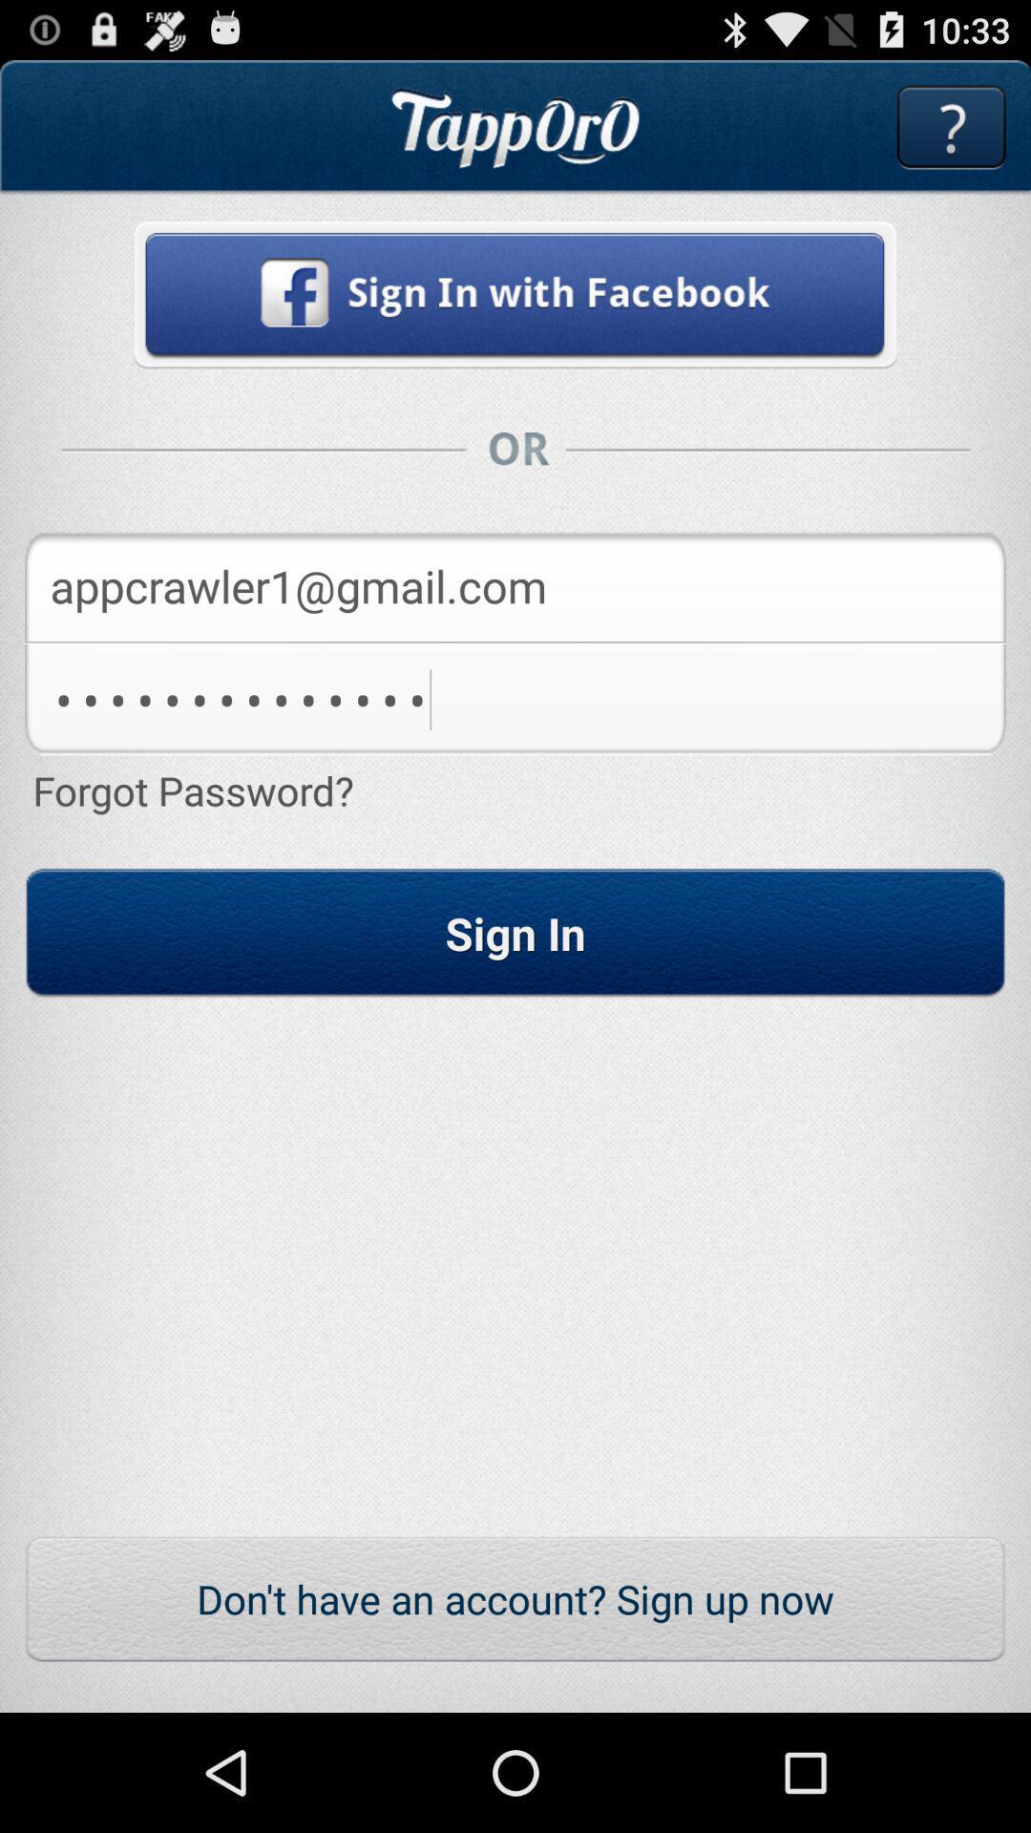 The height and width of the screenshot is (1833, 1031). What do you see at coordinates (515, 293) in the screenshot?
I see `sign in to facebook account` at bounding box center [515, 293].